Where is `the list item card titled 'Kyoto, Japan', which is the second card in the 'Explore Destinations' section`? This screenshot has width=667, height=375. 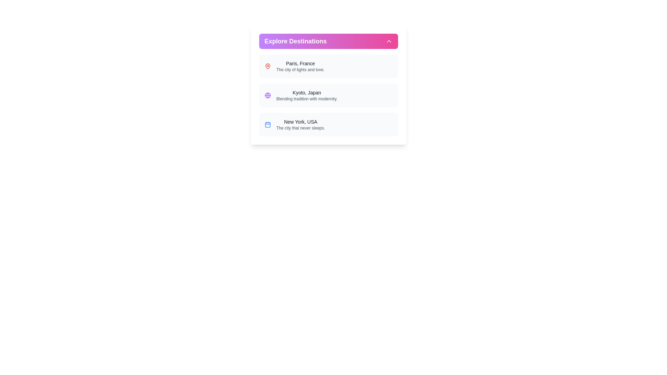 the list item card titled 'Kyoto, Japan', which is the second card in the 'Explore Destinations' section is located at coordinates (328, 95).